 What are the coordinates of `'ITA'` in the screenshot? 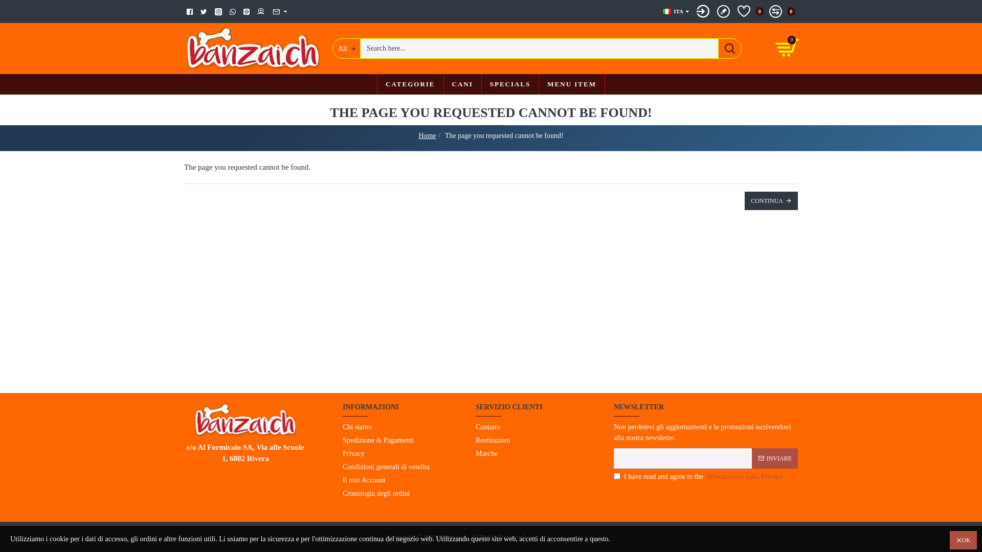 It's located at (667, 11).